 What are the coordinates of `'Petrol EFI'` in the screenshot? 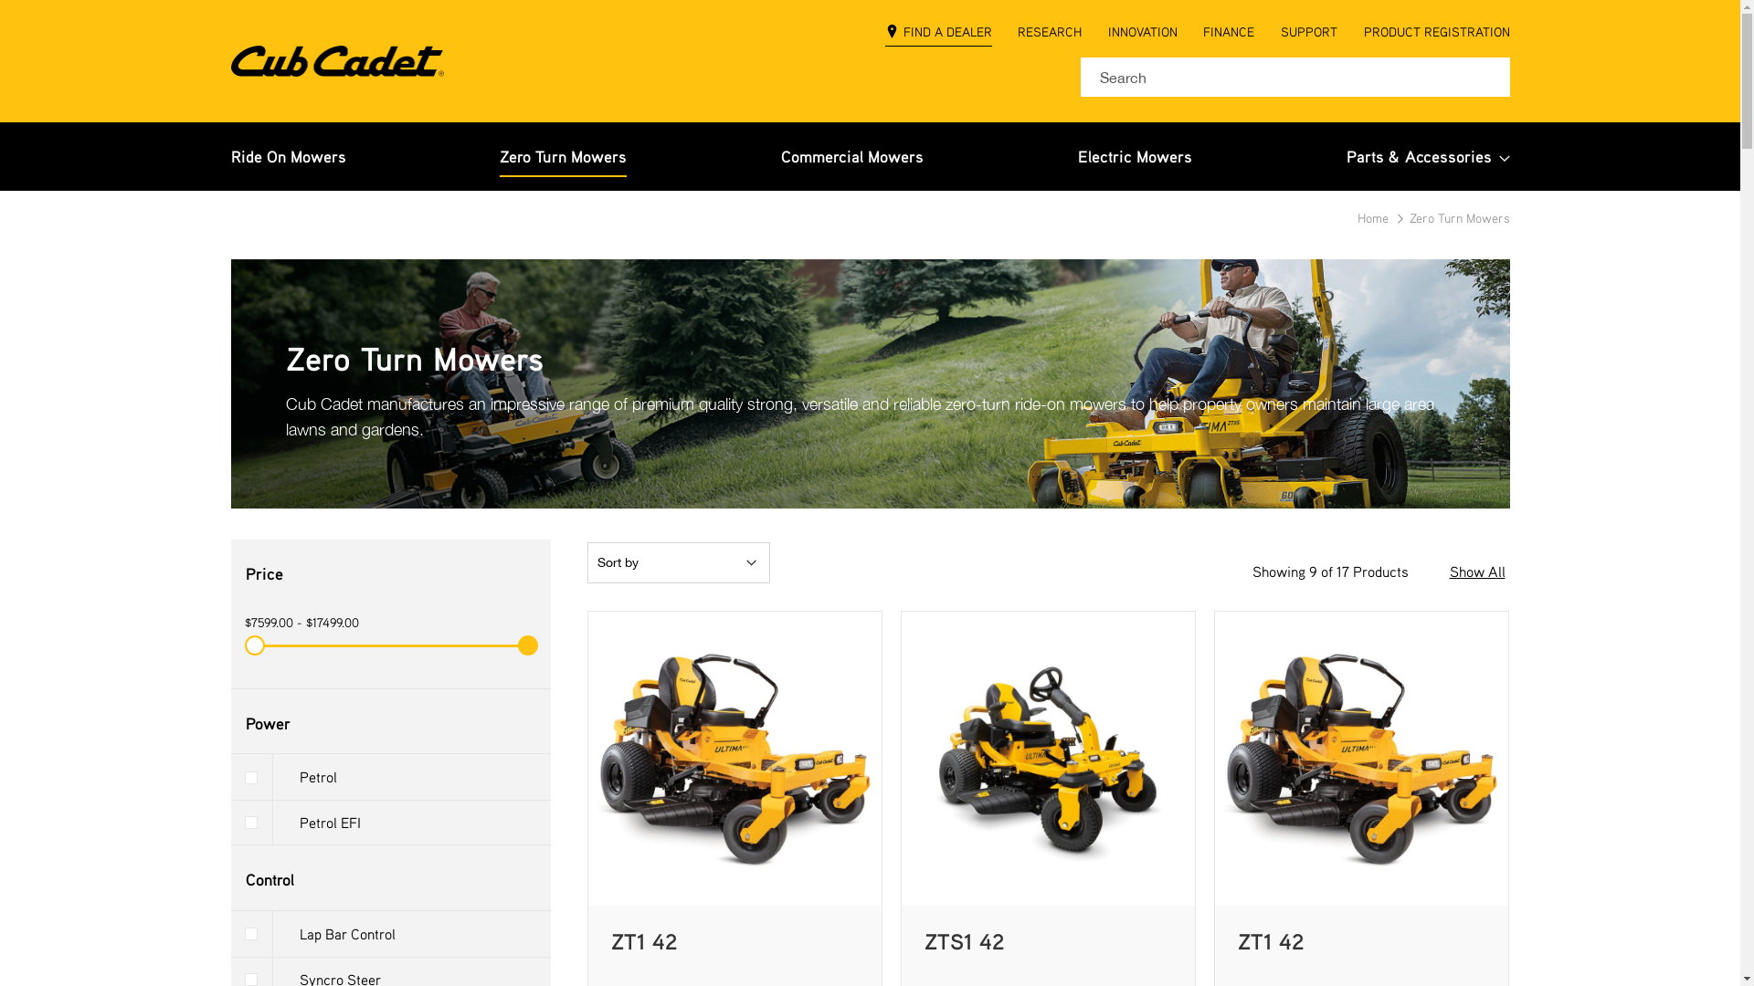 It's located at (229, 823).